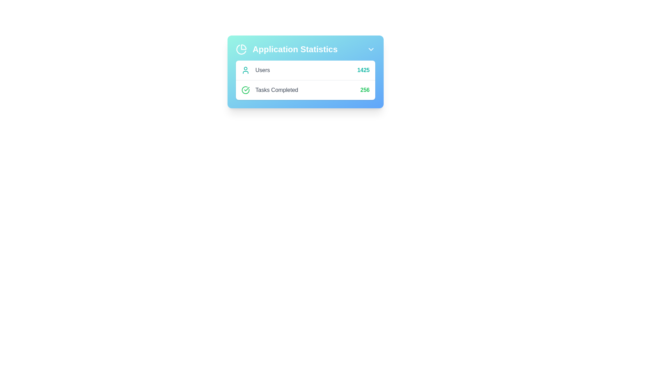 Image resolution: width=669 pixels, height=376 pixels. I want to click on the completed task icon located immediately to the left of the 'Tasks Completed' text in the statistics dashboard, so click(246, 89).